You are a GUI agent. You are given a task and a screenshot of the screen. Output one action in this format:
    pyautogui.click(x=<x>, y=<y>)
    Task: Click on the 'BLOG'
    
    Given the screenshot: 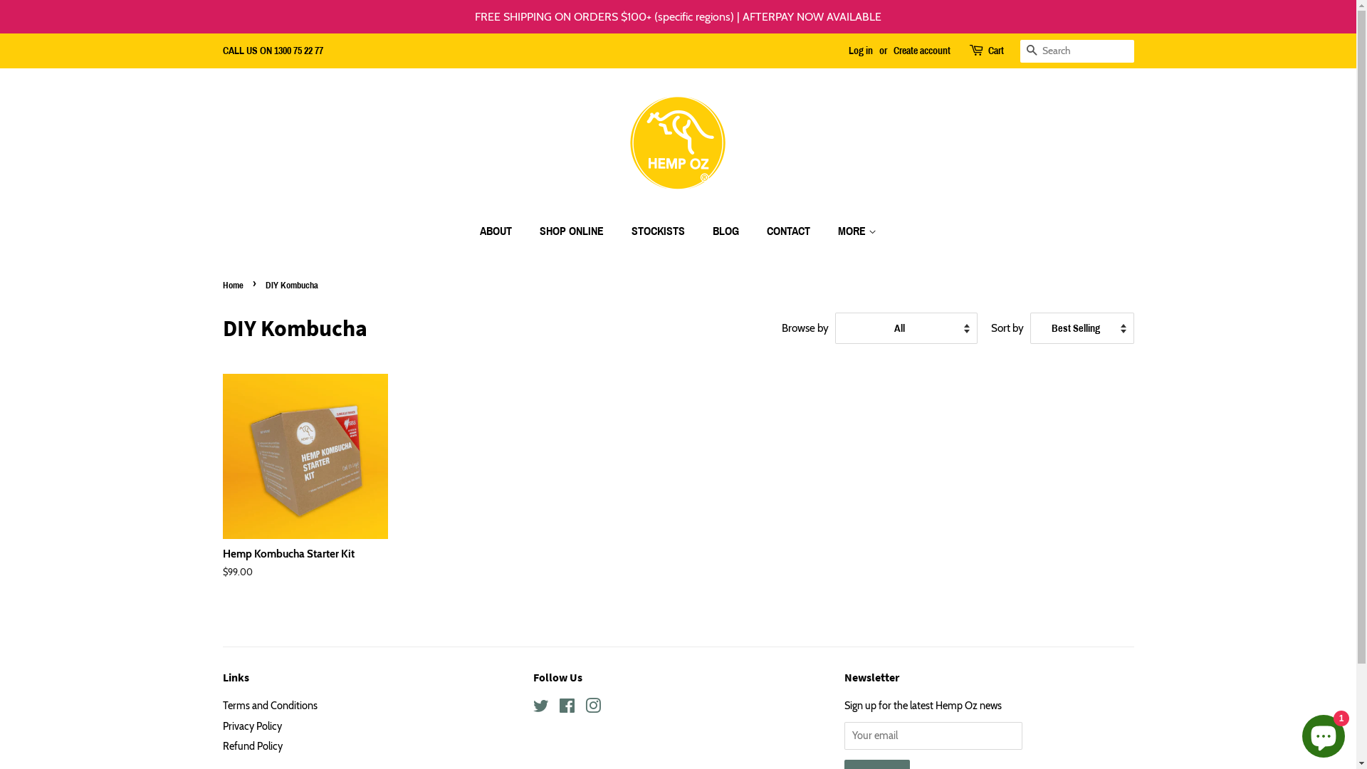 What is the action you would take?
    pyautogui.click(x=728, y=230)
    